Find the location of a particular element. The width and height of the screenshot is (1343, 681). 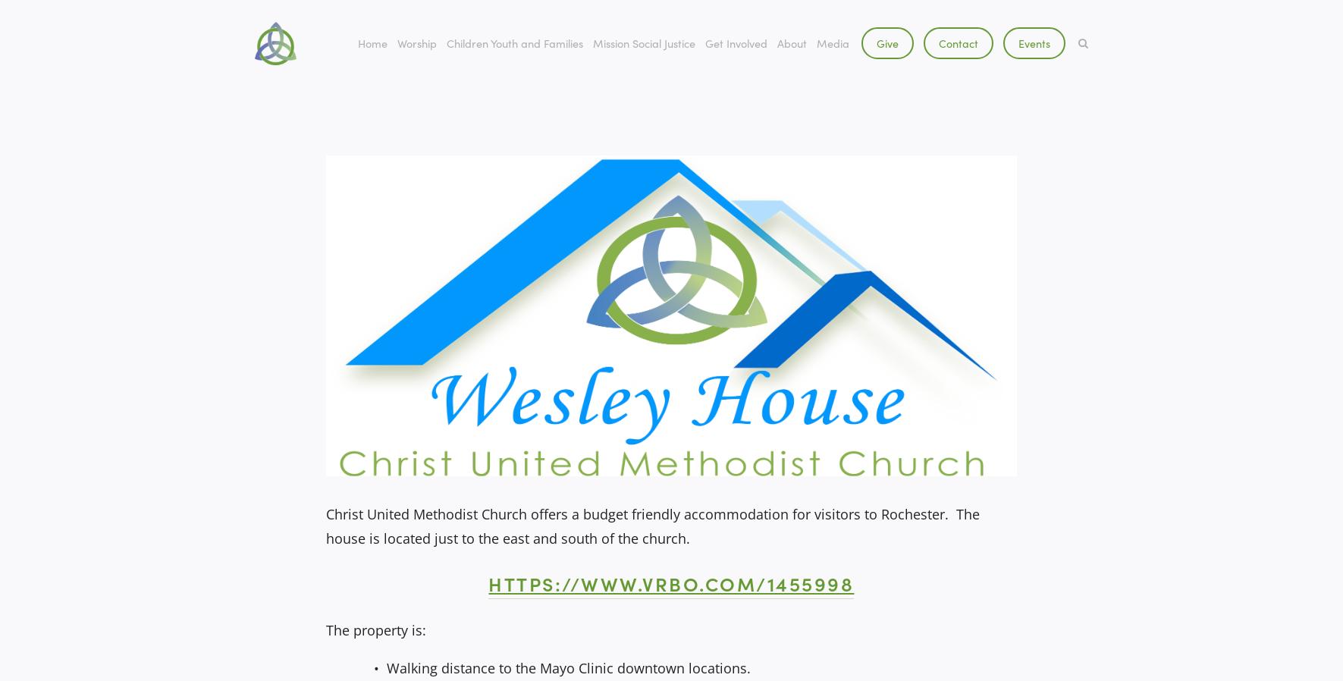

'The property is:' is located at coordinates (375, 630).